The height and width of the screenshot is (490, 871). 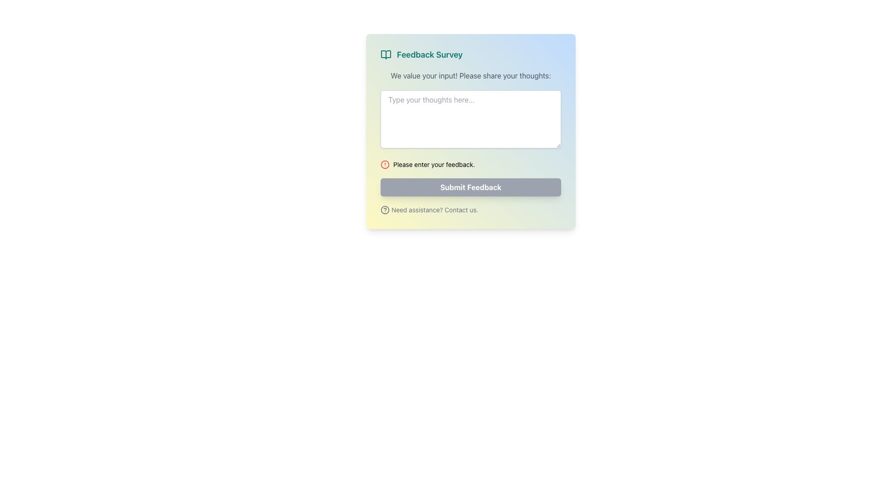 I want to click on the static text label that reads 'We value your input! Please share your thoughts:' located below the title 'Feedback Survey' in the feedback form interface, so click(x=470, y=75).